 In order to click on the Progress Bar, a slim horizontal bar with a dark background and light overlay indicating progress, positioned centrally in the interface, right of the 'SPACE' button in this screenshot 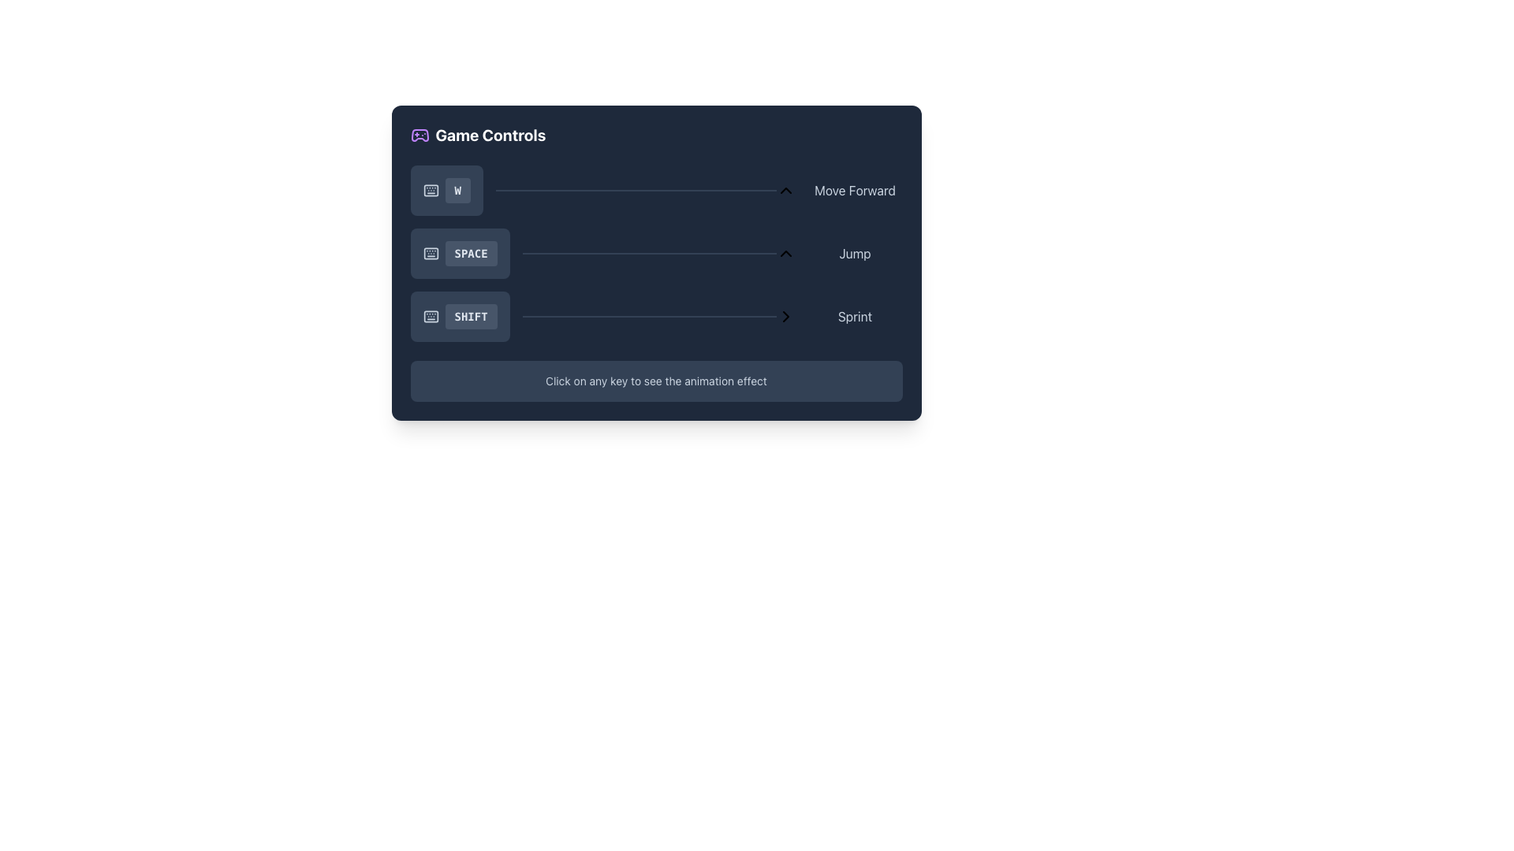, I will do `click(649, 252)`.